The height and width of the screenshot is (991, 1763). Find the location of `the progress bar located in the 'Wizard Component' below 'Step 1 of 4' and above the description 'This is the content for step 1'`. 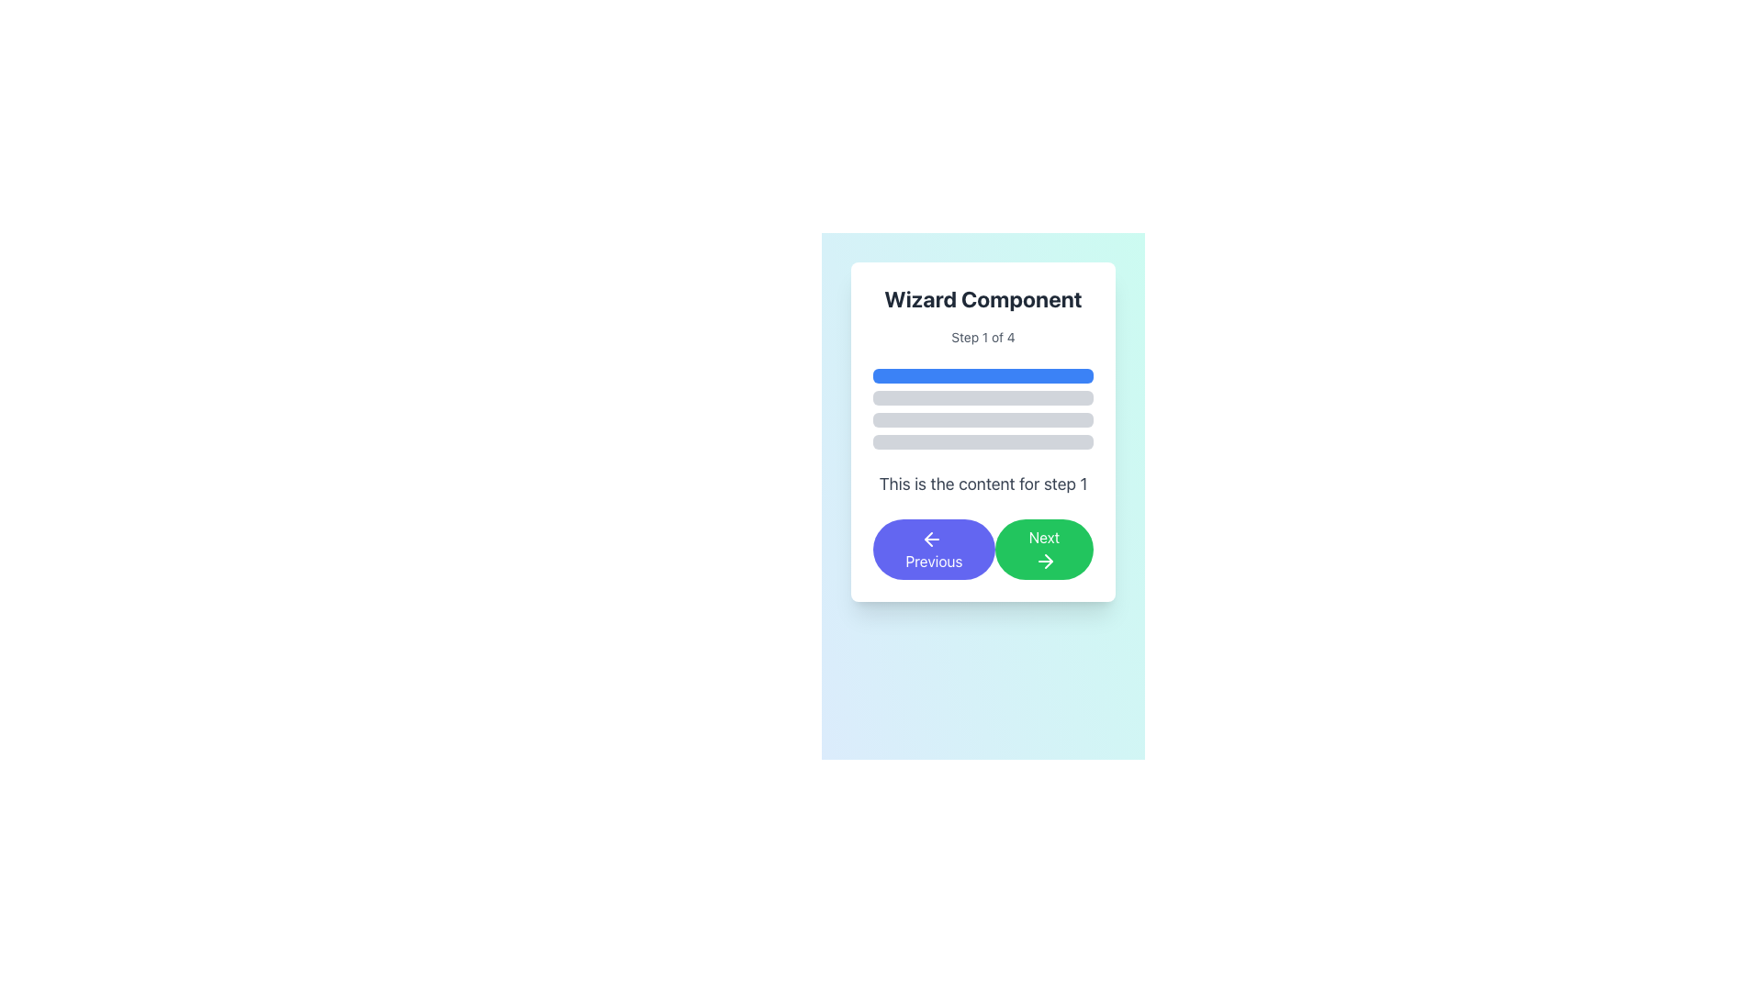

the progress bar located in the 'Wizard Component' below 'Step 1 of 4' and above the description 'This is the content for step 1' is located at coordinates (982, 408).